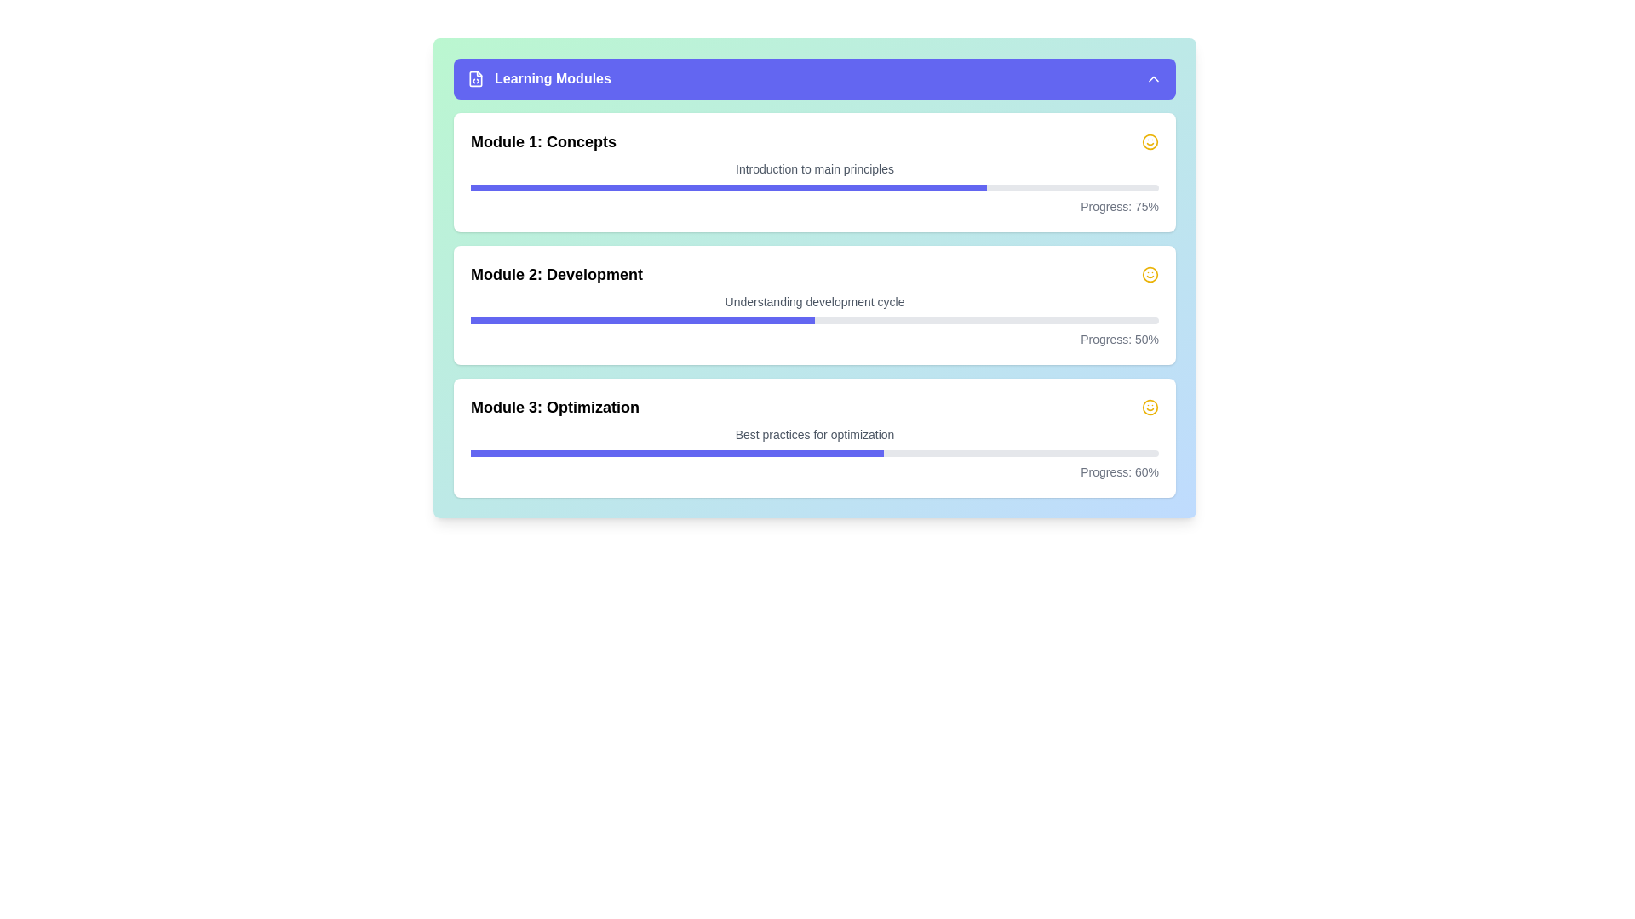 The width and height of the screenshot is (1635, 919). I want to click on the progress bar segment that indicates 60% completion, which is filled with blue color and has rounded edges, located within the third module's progress bar, so click(676, 452).